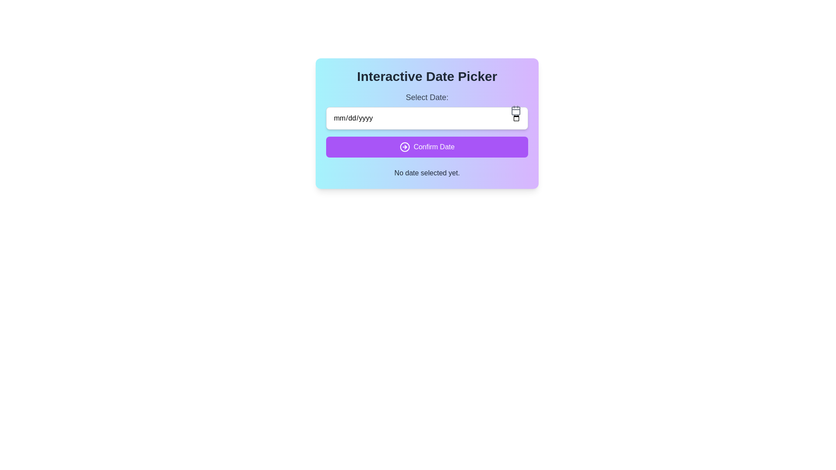 The height and width of the screenshot is (470, 836). I want to click on the circle arrow right icon located inside the 'Confirm Date' button for tooltip or visual feedback, so click(404, 147).